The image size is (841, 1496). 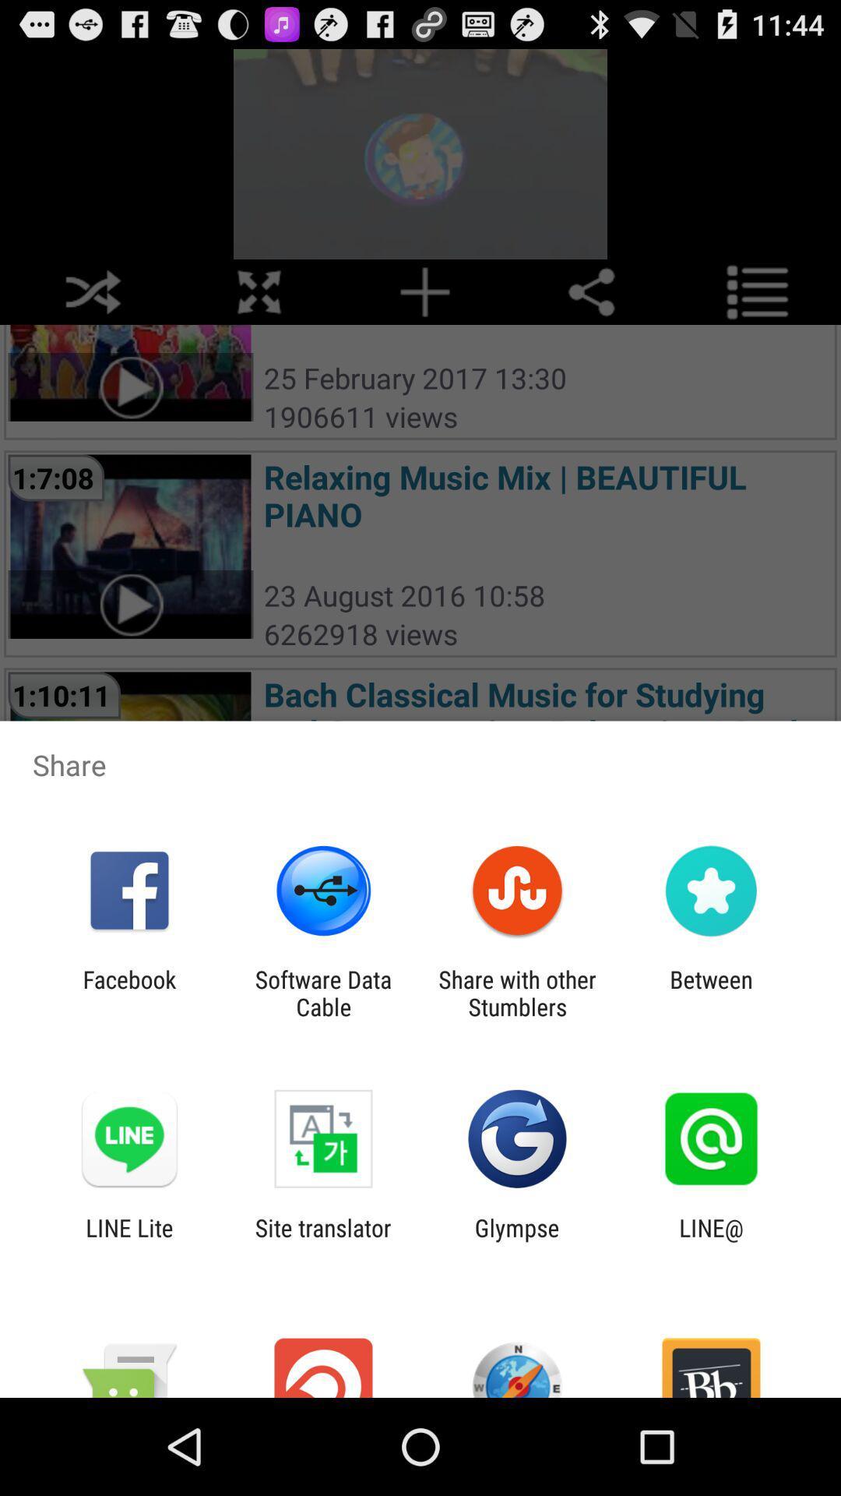 What do you see at coordinates (128, 1240) in the screenshot?
I see `line lite item` at bounding box center [128, 1240].